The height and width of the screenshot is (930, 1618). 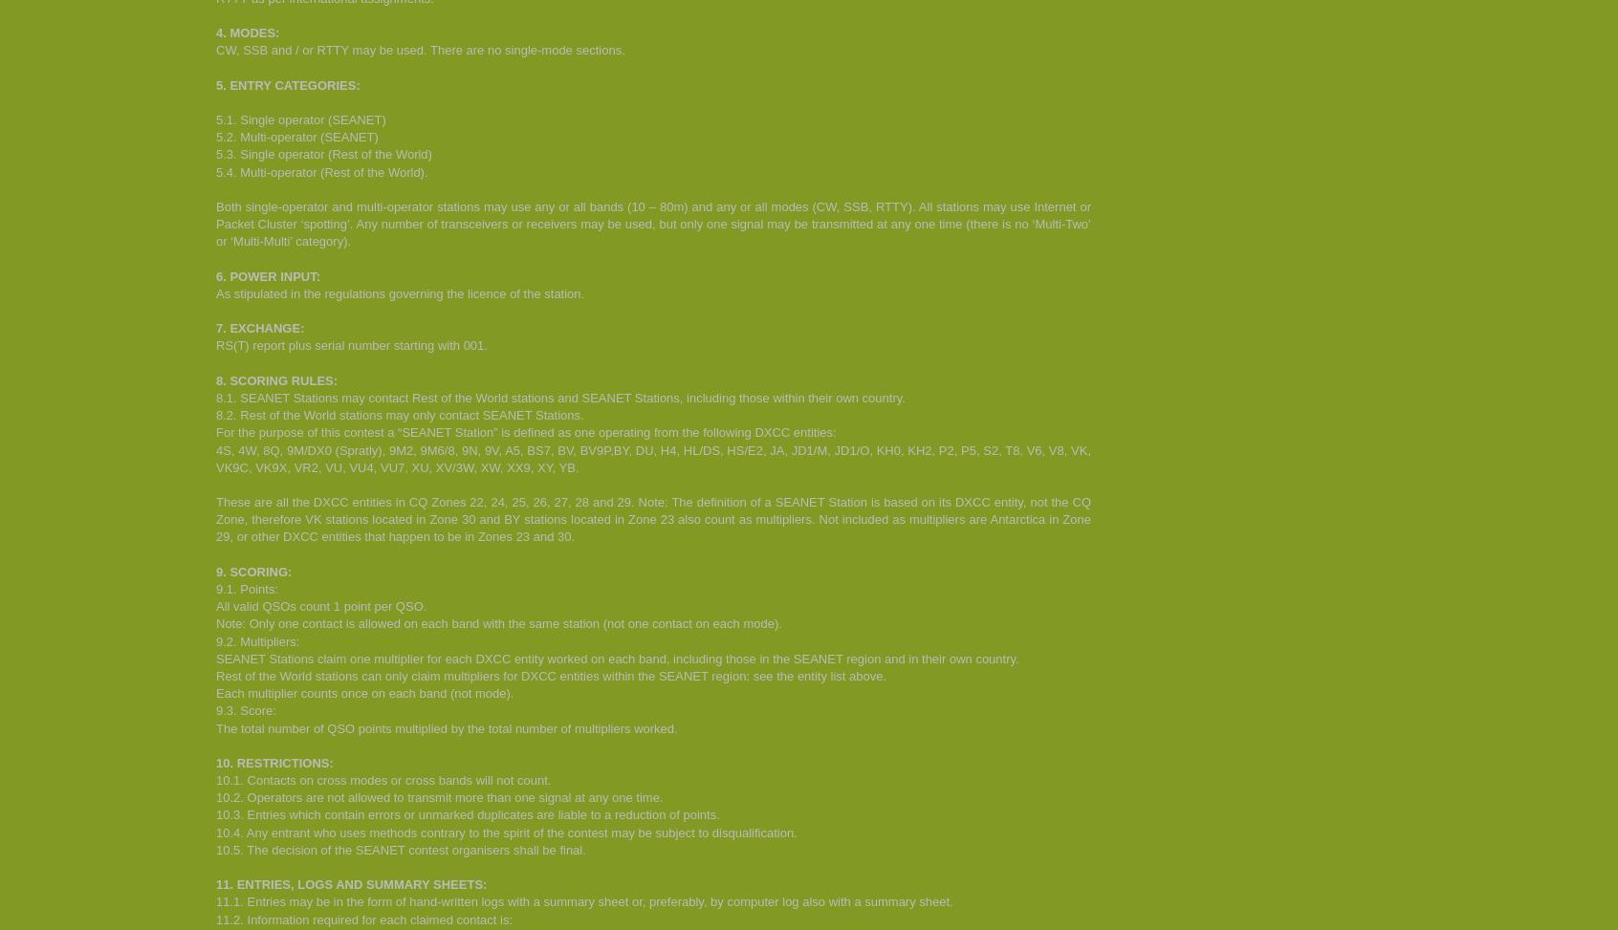 What do you see at coordinates (400, 292) in the screenshot?
I see `'As stipulated in the regulations governing the licence of the station.'` at bounding box center [400, 292].